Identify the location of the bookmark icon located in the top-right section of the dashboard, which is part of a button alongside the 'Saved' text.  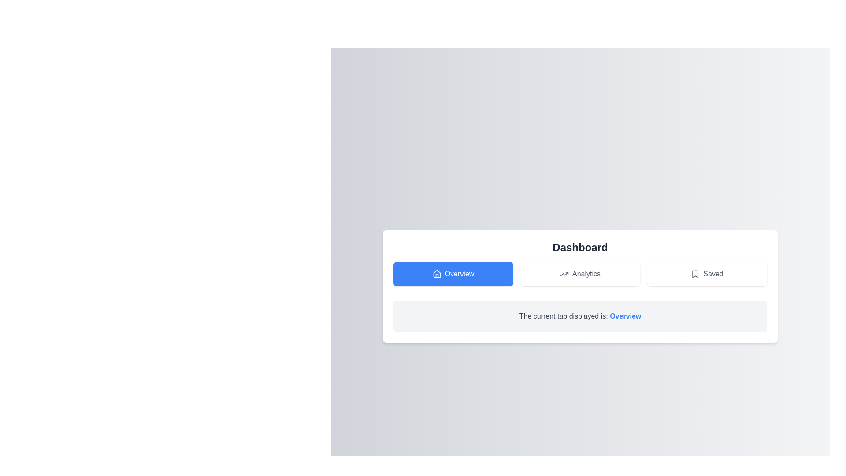
(695, 273).